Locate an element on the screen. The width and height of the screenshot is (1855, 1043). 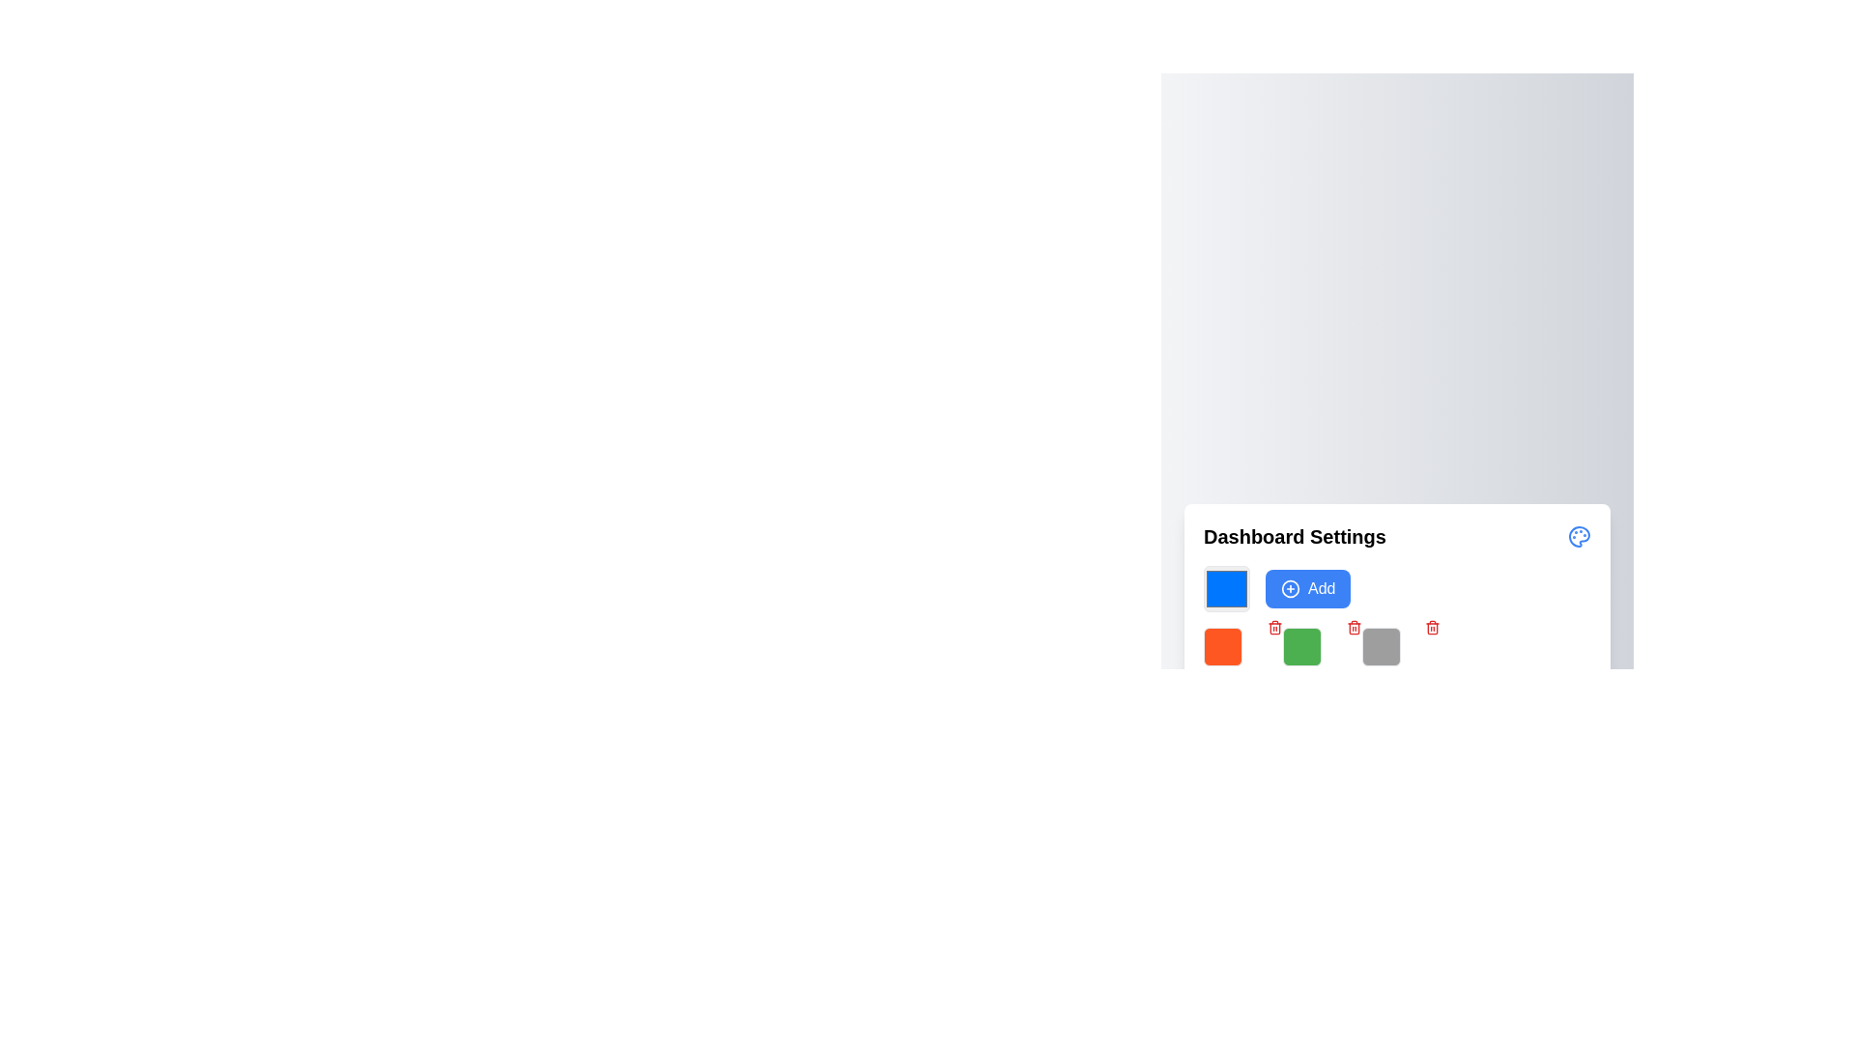
the green square block with rounded corners, positioned in the middle row of the grid as the third element from the left is located at coordinates (1317, 647).